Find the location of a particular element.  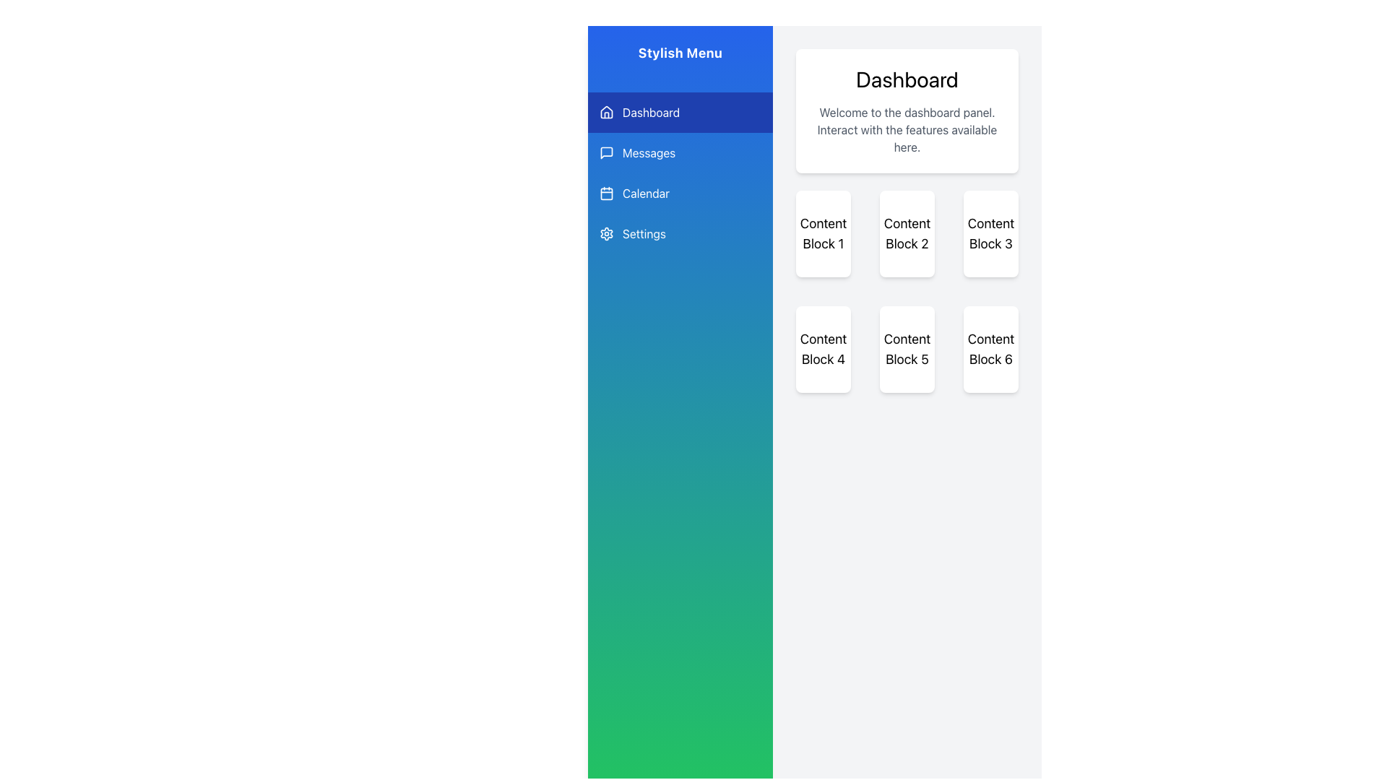

'Calendar' label in the sidebar menu, which displays white text on a blue background and is positioned between the 'Messages' and 'Settings' items is located at coordinates (645, 192).